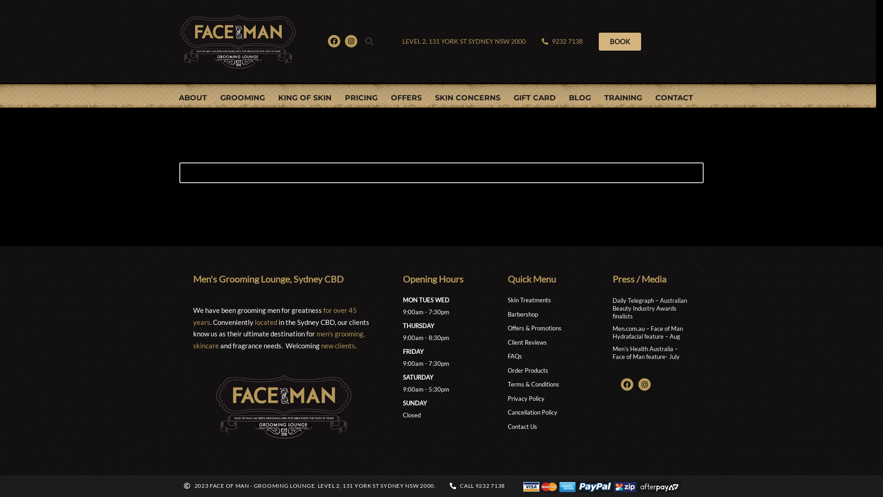  I want to click on 'CALL 9232 7138', so click(477, 485).